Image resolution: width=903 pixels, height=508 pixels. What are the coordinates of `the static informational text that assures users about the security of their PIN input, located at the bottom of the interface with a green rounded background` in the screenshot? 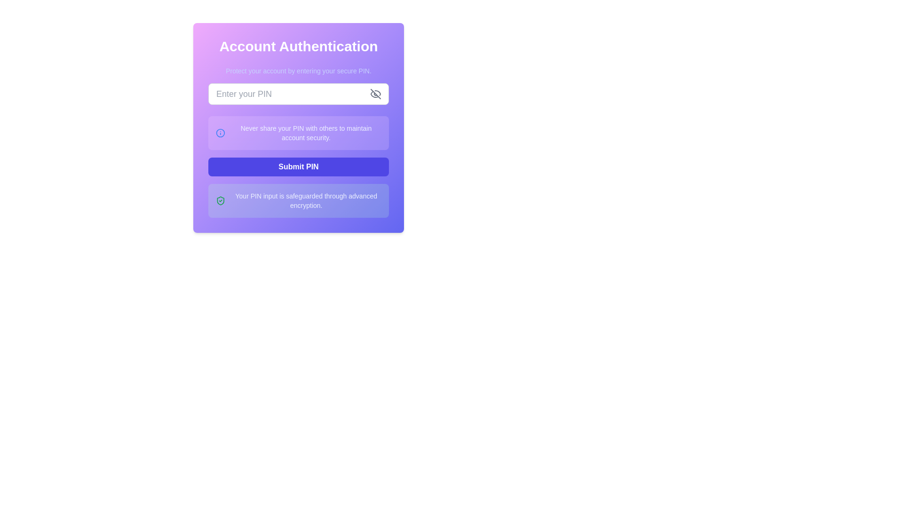 It's located at (306, 200).